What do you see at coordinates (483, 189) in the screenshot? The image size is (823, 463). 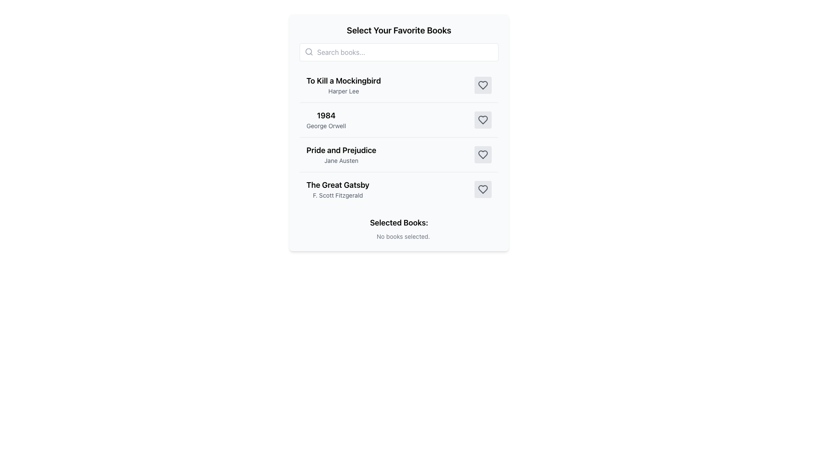 I see `the heart-shaped icon located immediately to the right of the book title 'The Great Gatsby' and its author 'F. Scott Fitzgerald' to favorite or unfavorite the book` at bounding box center [483, 189].